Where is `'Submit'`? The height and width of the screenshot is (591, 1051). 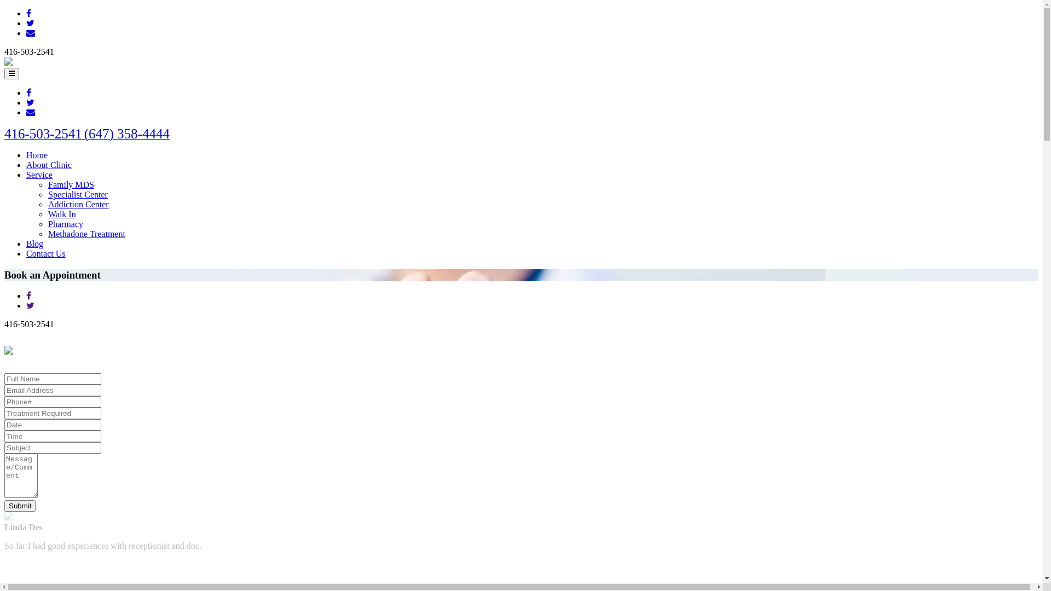 'Submit' is located at coordinates (20, 506).